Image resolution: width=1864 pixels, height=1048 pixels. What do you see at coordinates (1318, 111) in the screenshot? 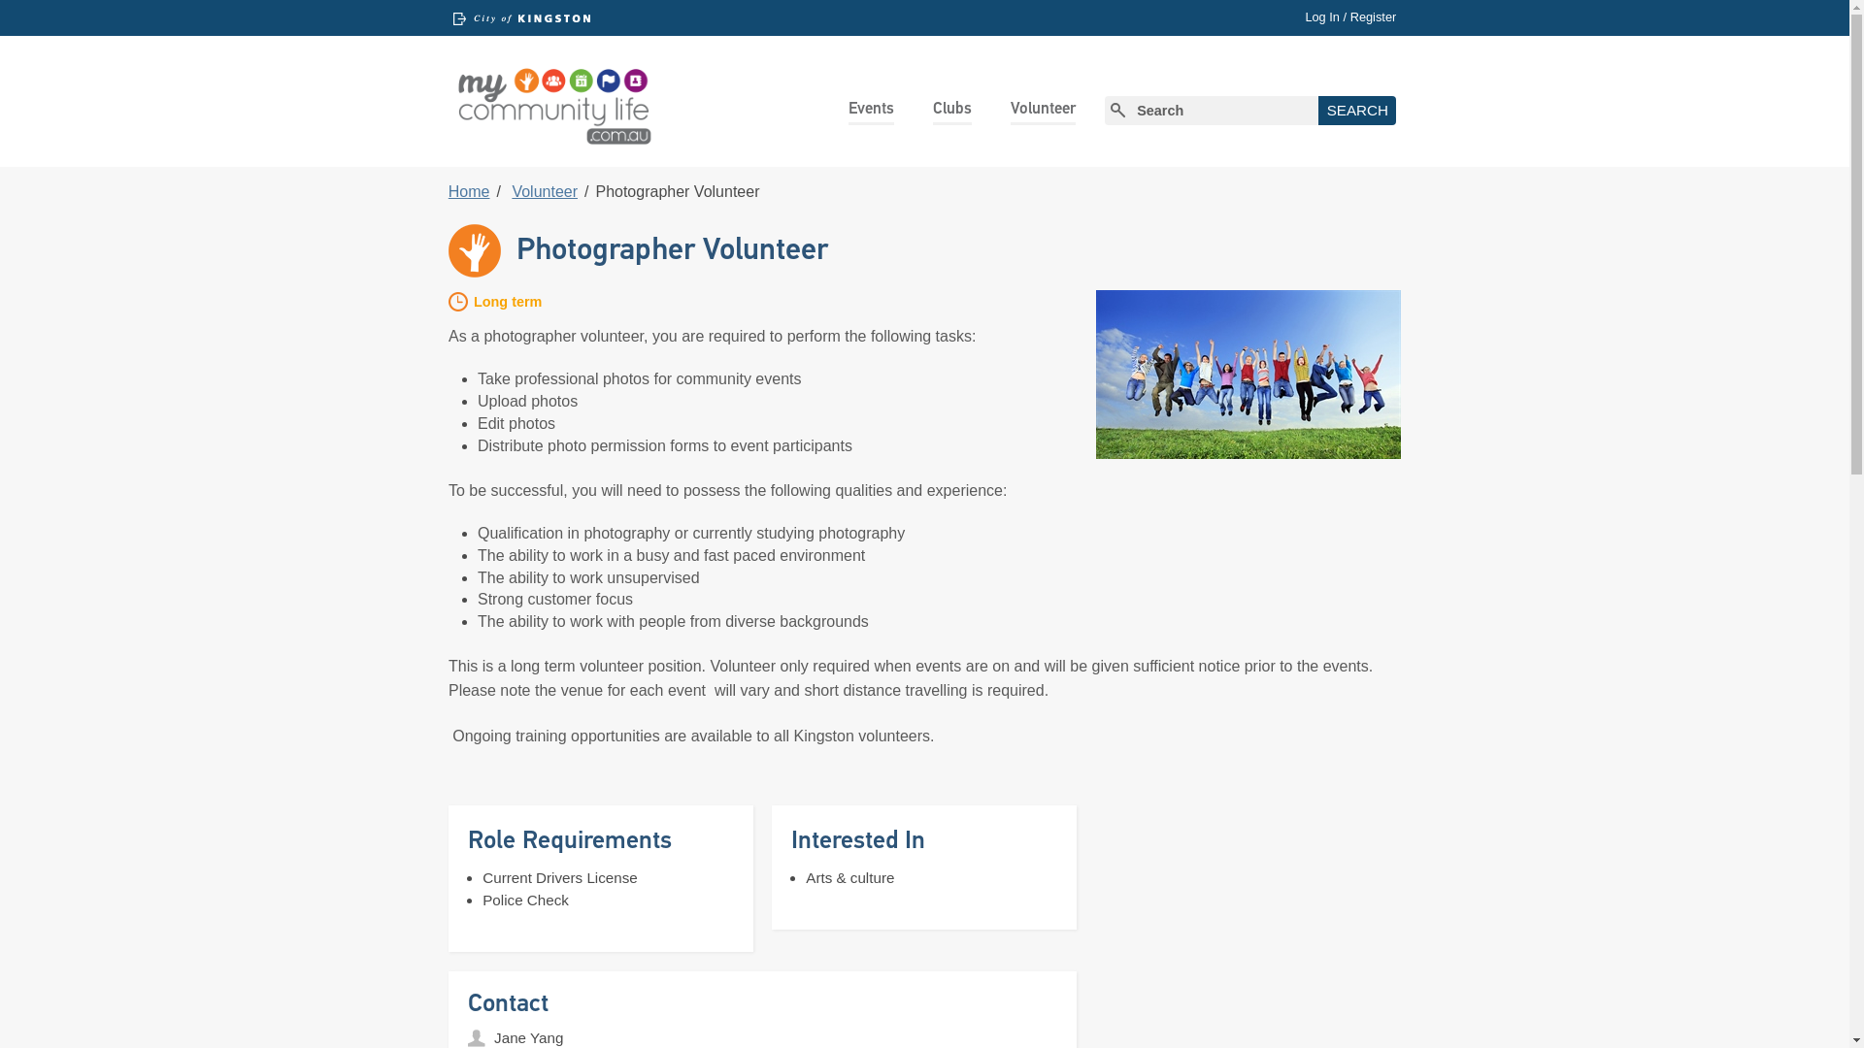
I see `'Search'` at bounding box center [1318, 111].